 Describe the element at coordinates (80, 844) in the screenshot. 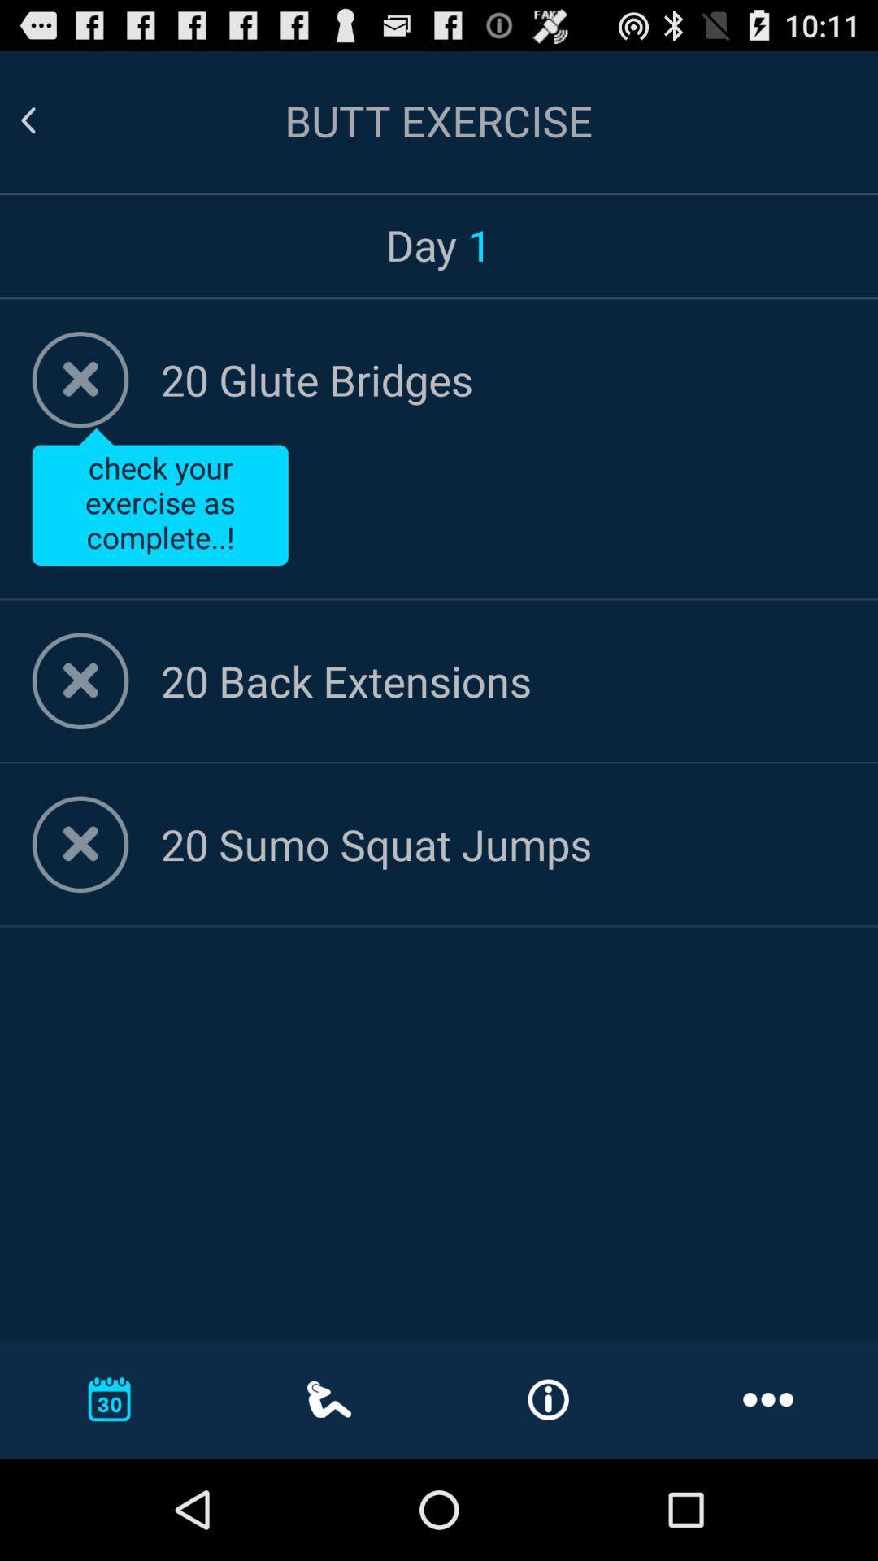

I see `remove from the list` at that location.